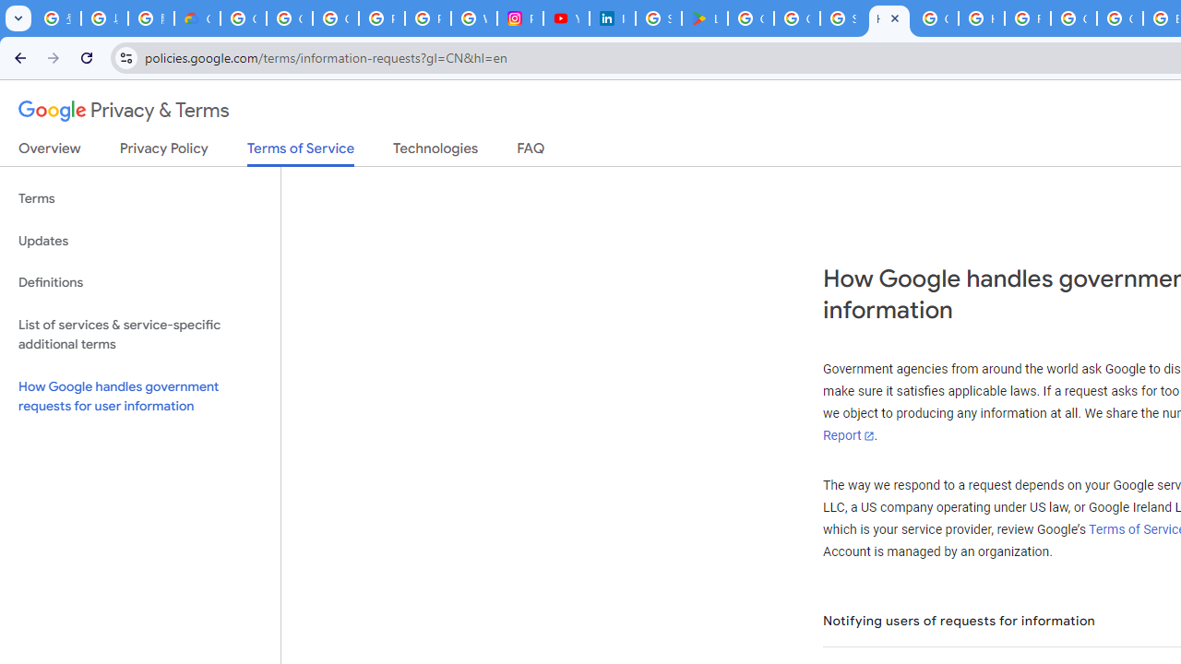  Describe the element at coordinates (842, 18) in the screenshot. I see `'Sign in - Google Accounts'` at that location.